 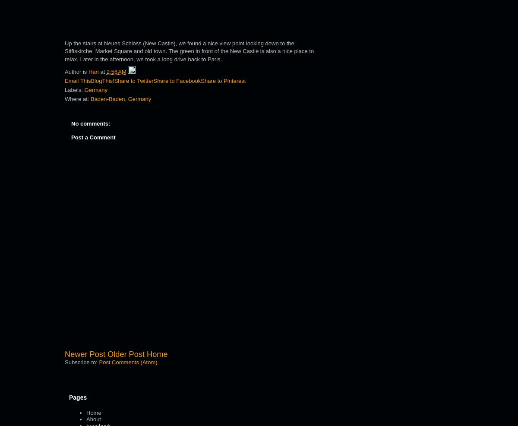 What do you see at coordinates (90, 98) in the screenshot?
I see `'Baden-Baden, Germany'` at bounding box center [90, 98].